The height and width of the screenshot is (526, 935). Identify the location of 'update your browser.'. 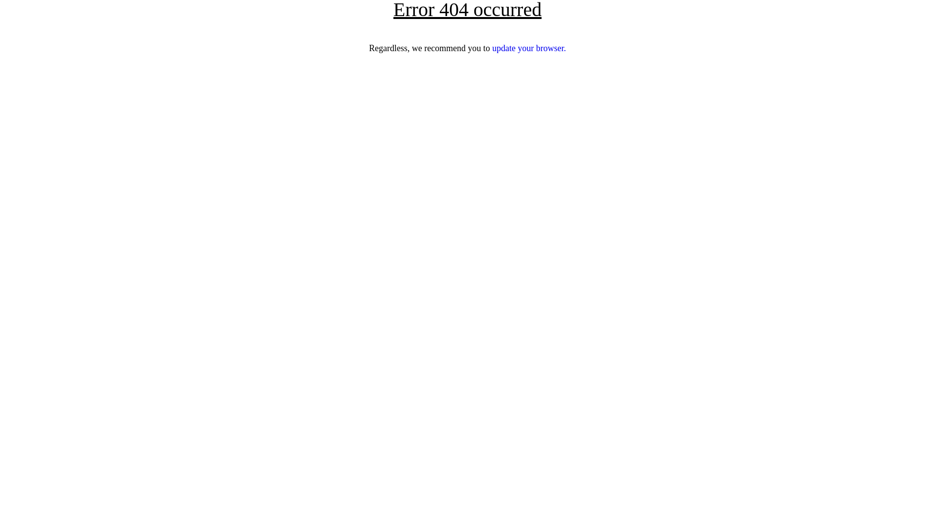
(528, 48).